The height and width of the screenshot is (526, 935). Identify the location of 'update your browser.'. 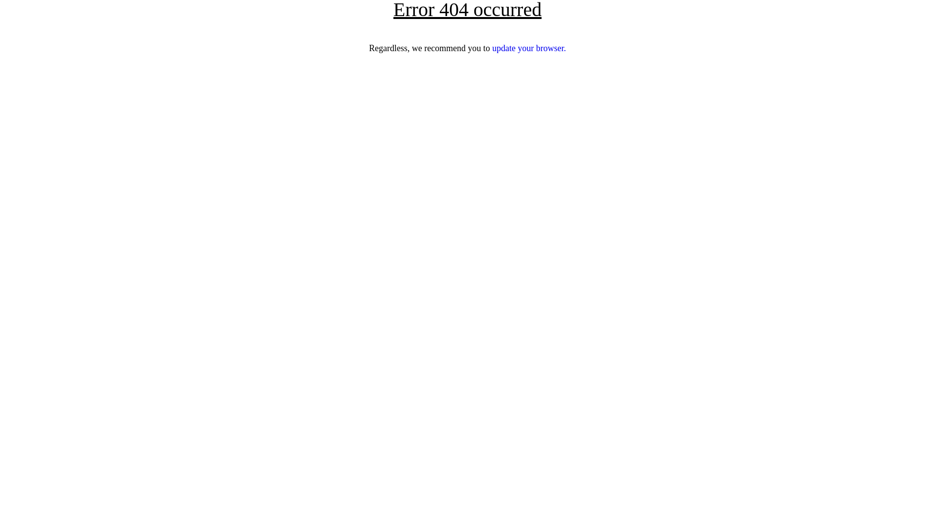
(528, 48).